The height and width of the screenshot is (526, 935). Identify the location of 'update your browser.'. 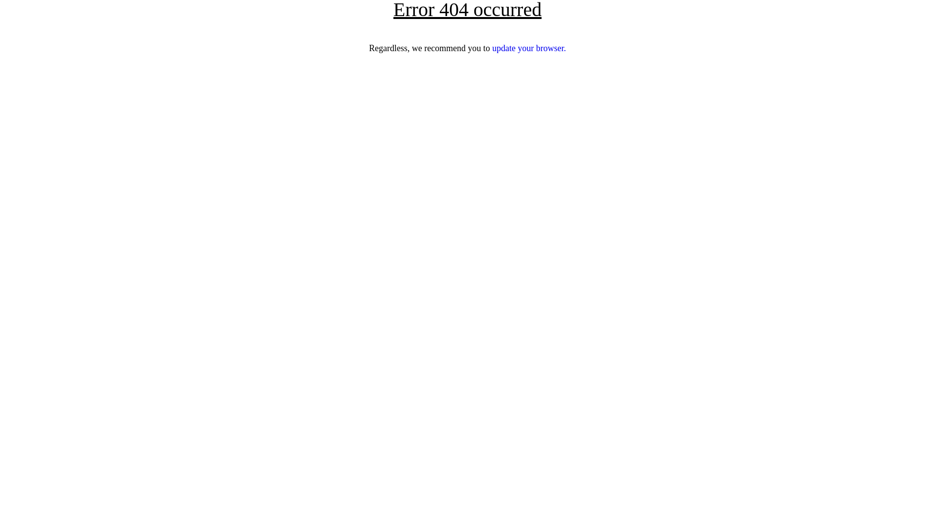
(528, 48).